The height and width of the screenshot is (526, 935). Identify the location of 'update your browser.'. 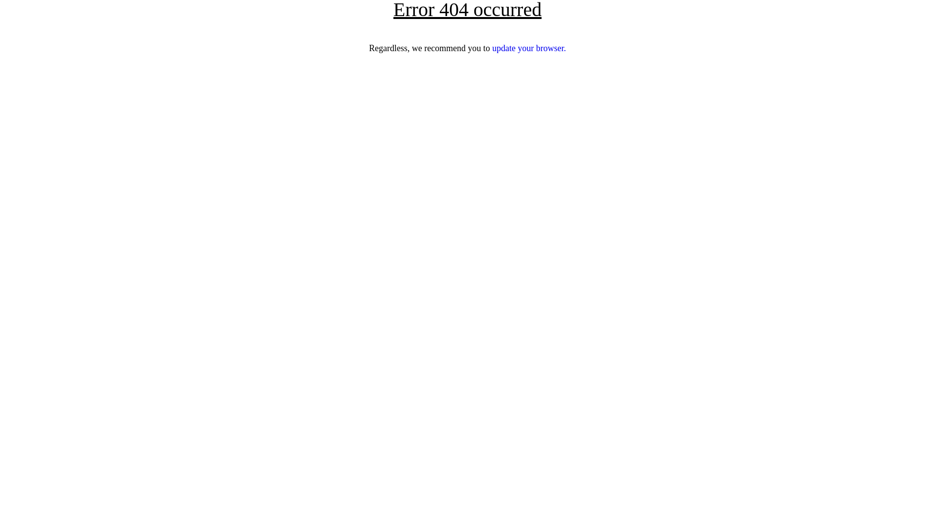
(528, 48).